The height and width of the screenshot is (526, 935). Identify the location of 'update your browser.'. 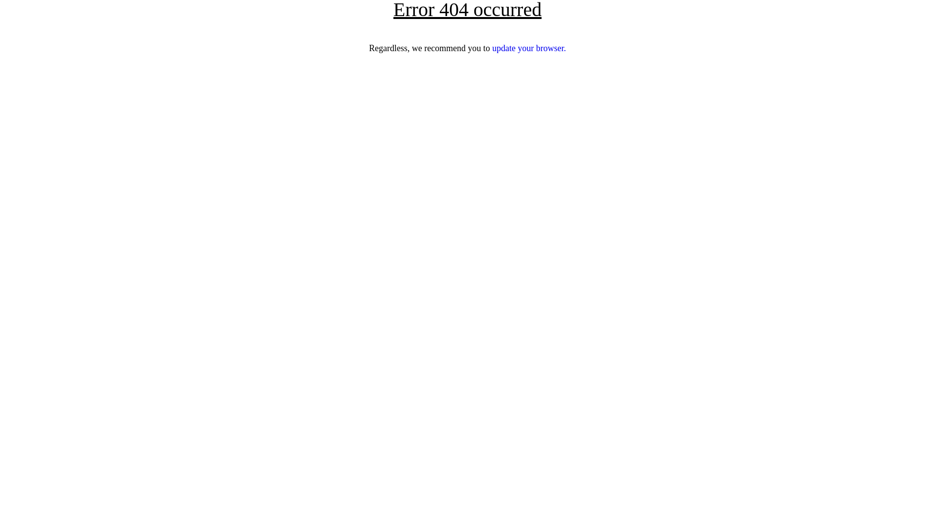
(528, 48).